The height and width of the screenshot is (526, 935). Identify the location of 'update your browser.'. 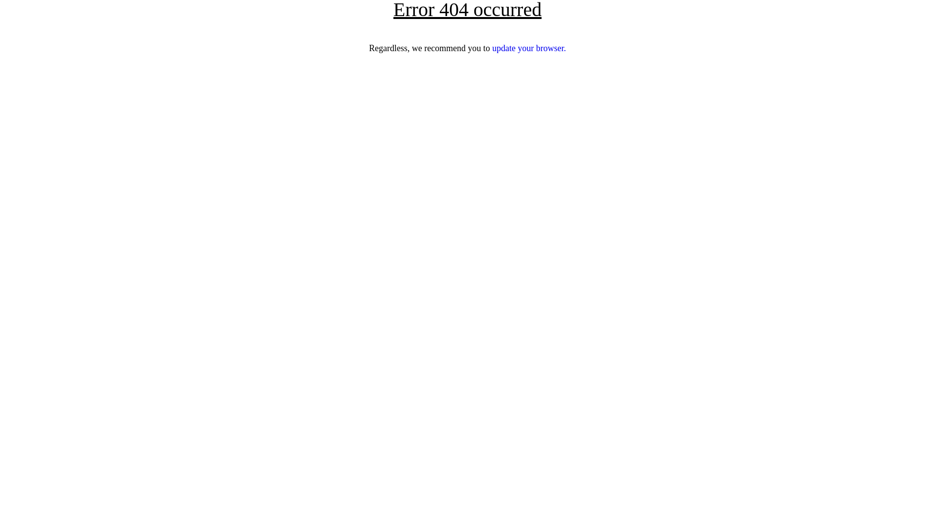
(528, 48).